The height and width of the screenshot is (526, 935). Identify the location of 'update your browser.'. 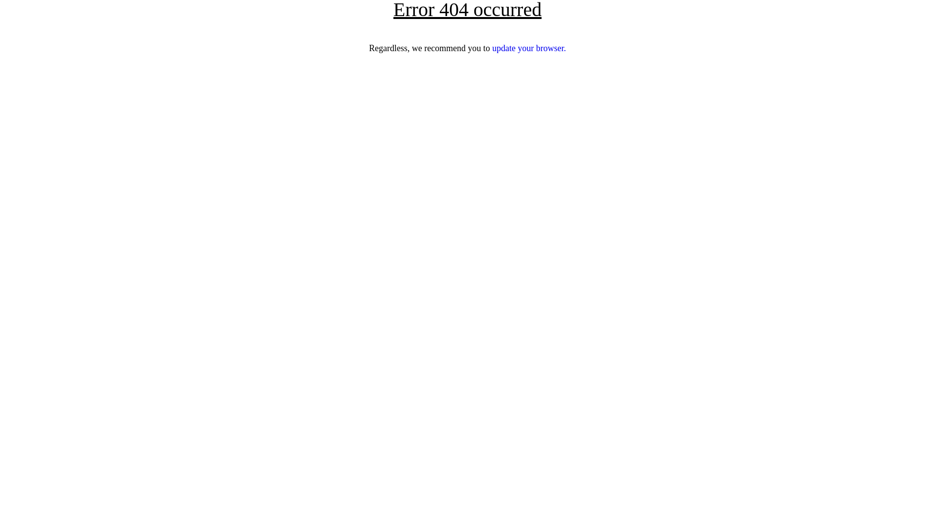
(528, 48).